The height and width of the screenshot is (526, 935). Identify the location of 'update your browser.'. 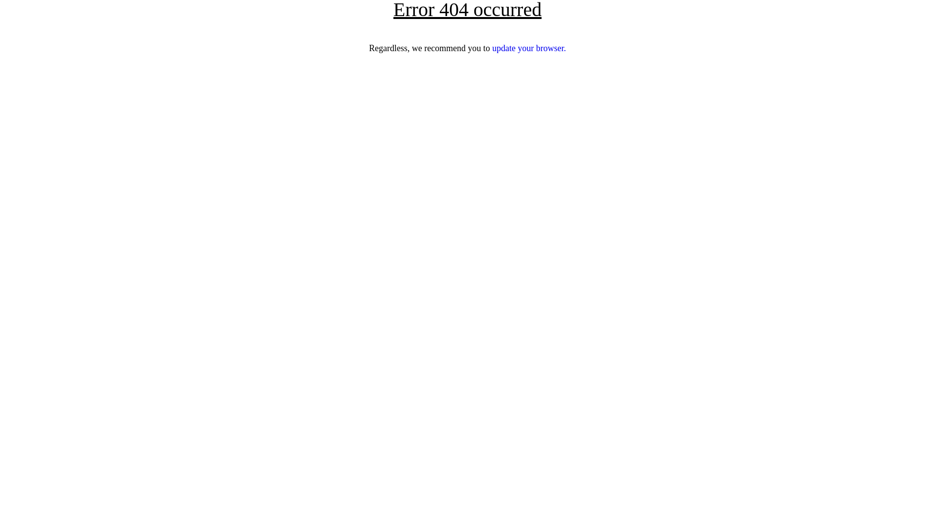
(528, 48).